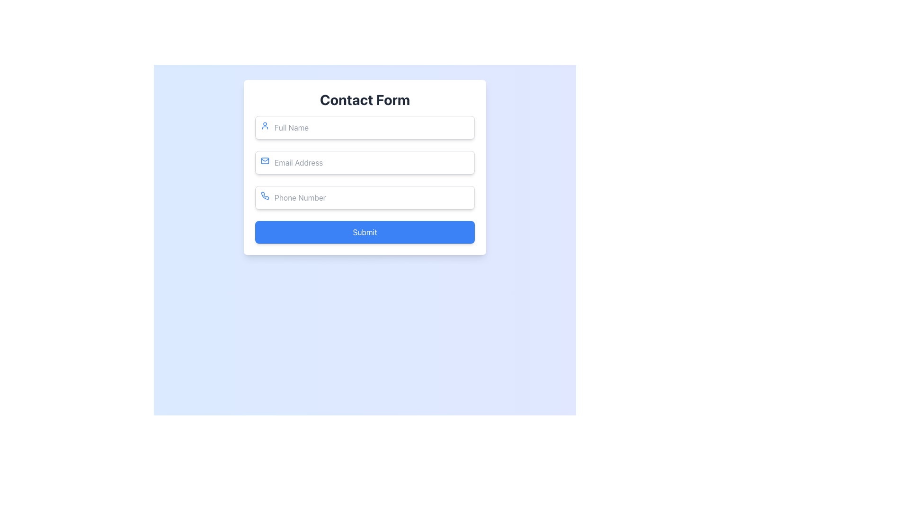 The height and width of the screenshot is (511, 909). Describe the element at coordinates (265, 125) in the screenshot. I see `the icon that symbolizes user information in the 'Full Name' input field, positioned near the top left of the field` at that location.